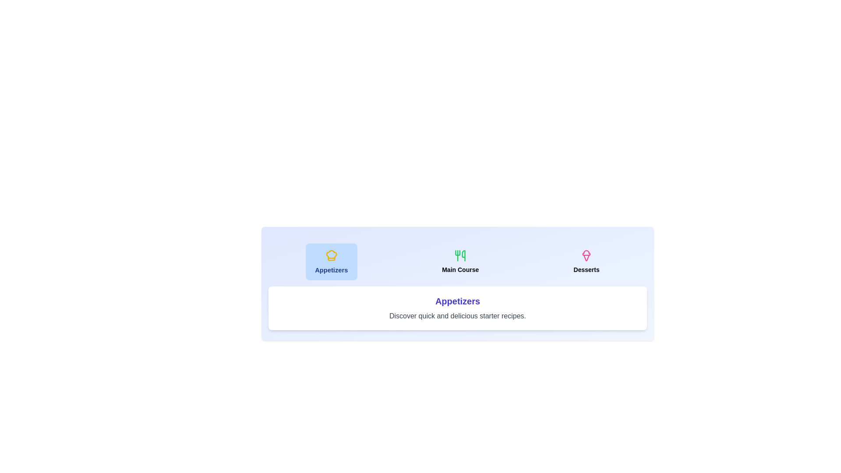  Describe the element at coordinates (331, 261) in the screenshot. I see `the tab labeled Appetizers to display its associated category` at that location.